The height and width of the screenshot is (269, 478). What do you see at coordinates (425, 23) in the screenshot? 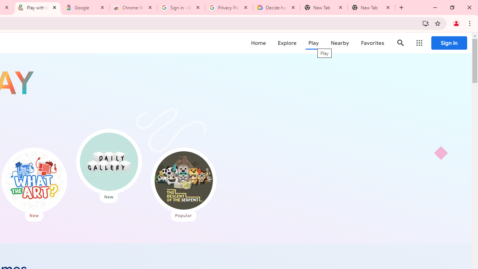
I see `'Install Google Arts & Culture'` at bounding box center [425, 23].